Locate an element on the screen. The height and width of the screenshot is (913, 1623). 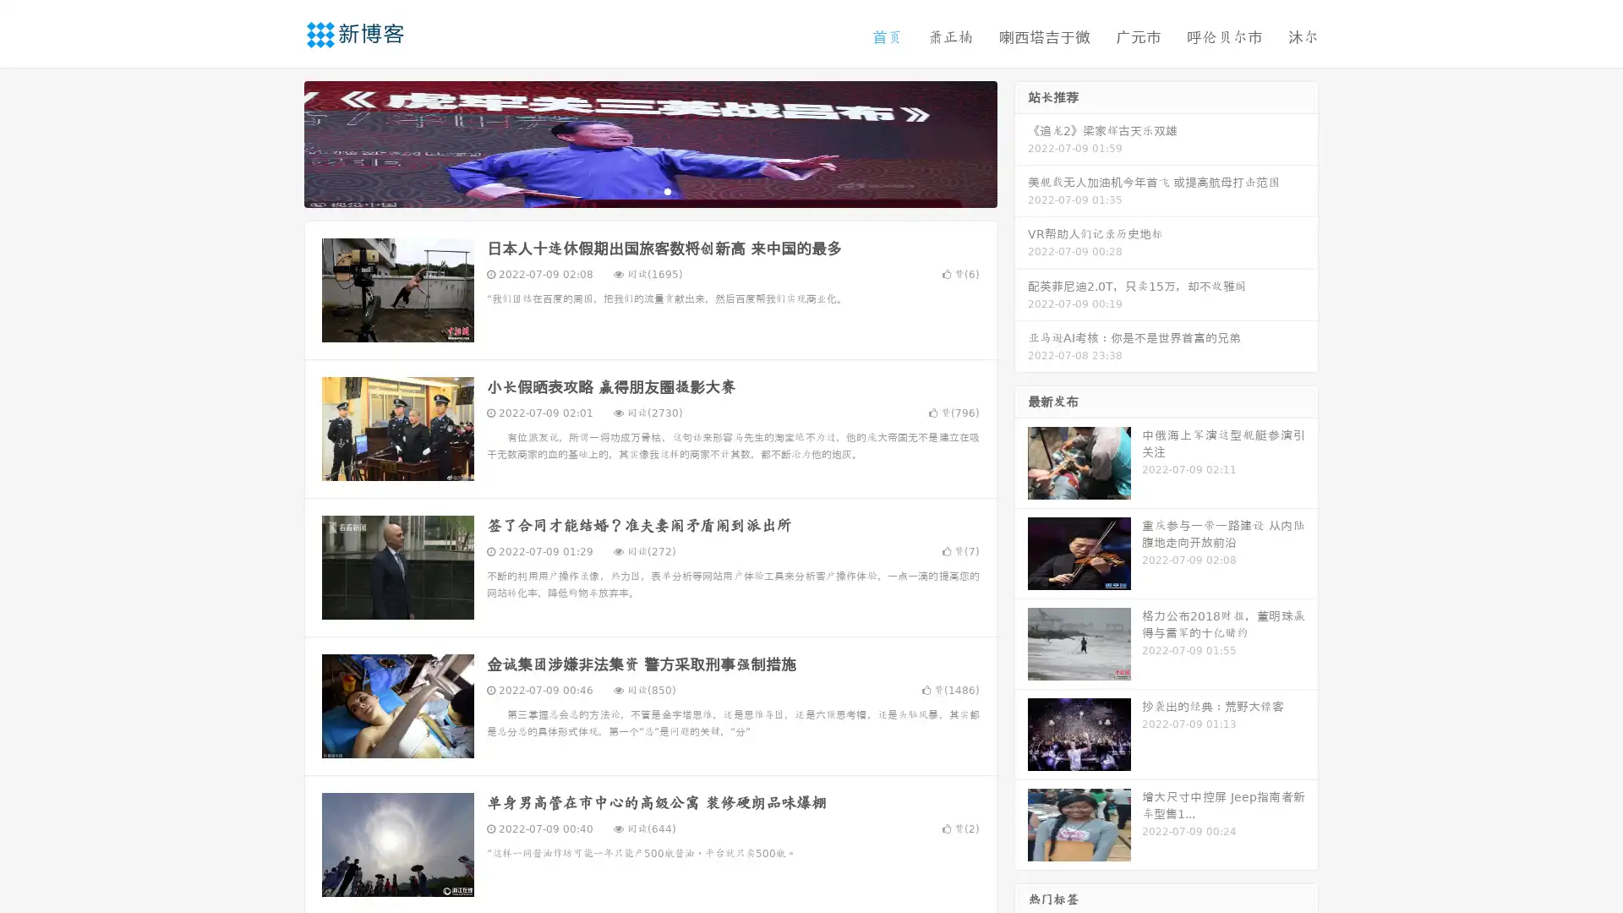
Go to slide 2 is located at coordinates (649, 190).